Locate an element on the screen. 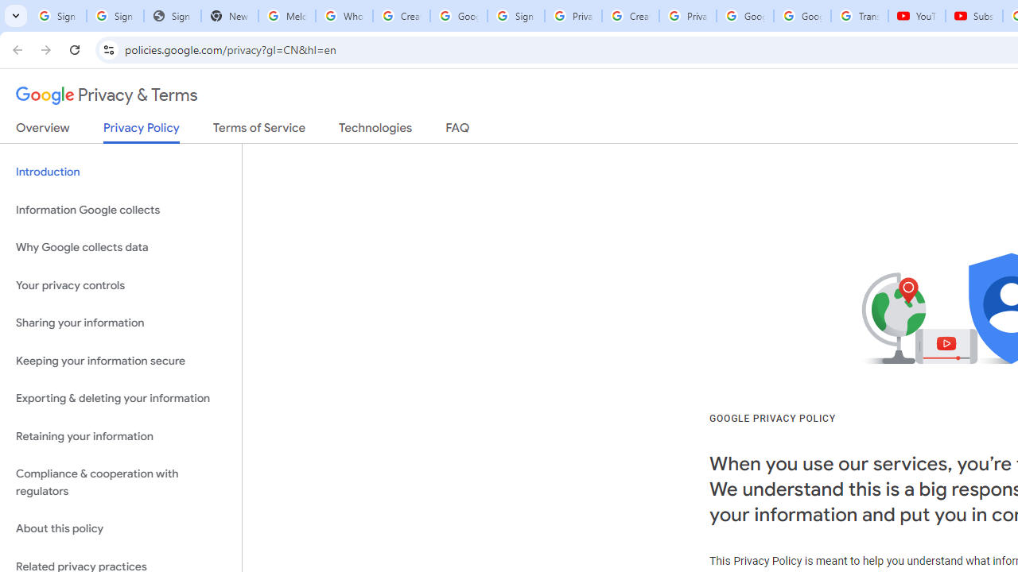 This screenshot has height=572, width=1018. 'Who is my administrator? - Google Account Help' is located at coordinates (343, 16).